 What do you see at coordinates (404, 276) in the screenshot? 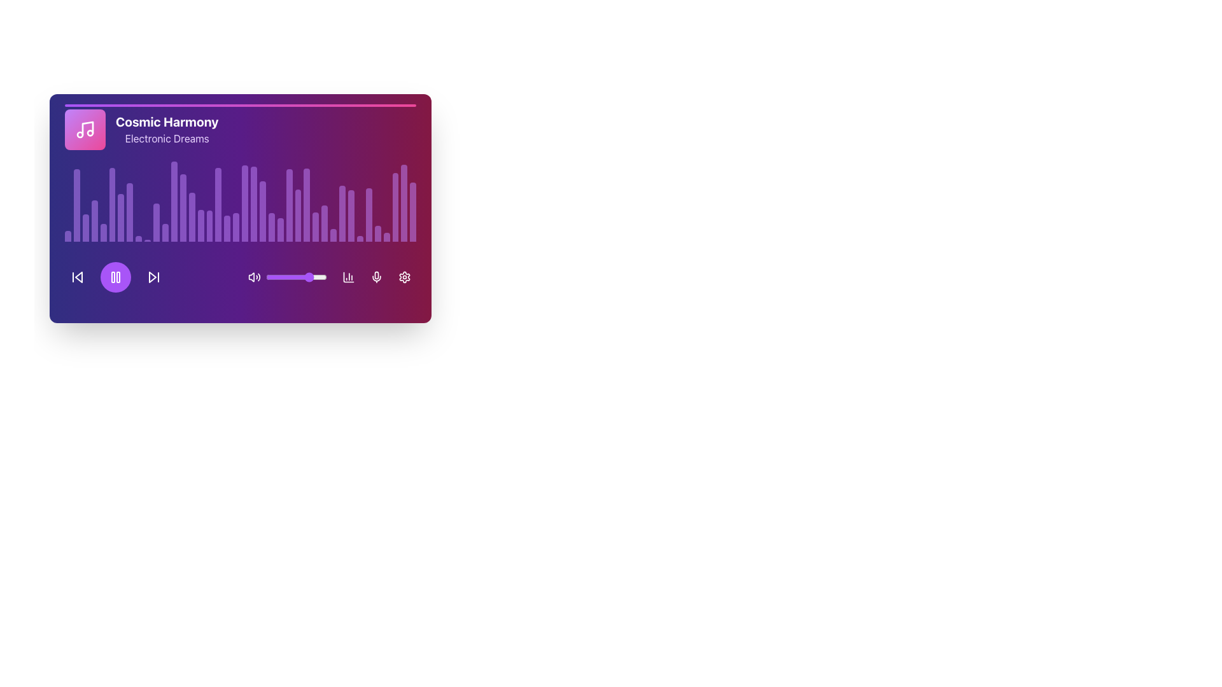
I see `the cog-shaped settings icon` at bounding box center [404, 276].